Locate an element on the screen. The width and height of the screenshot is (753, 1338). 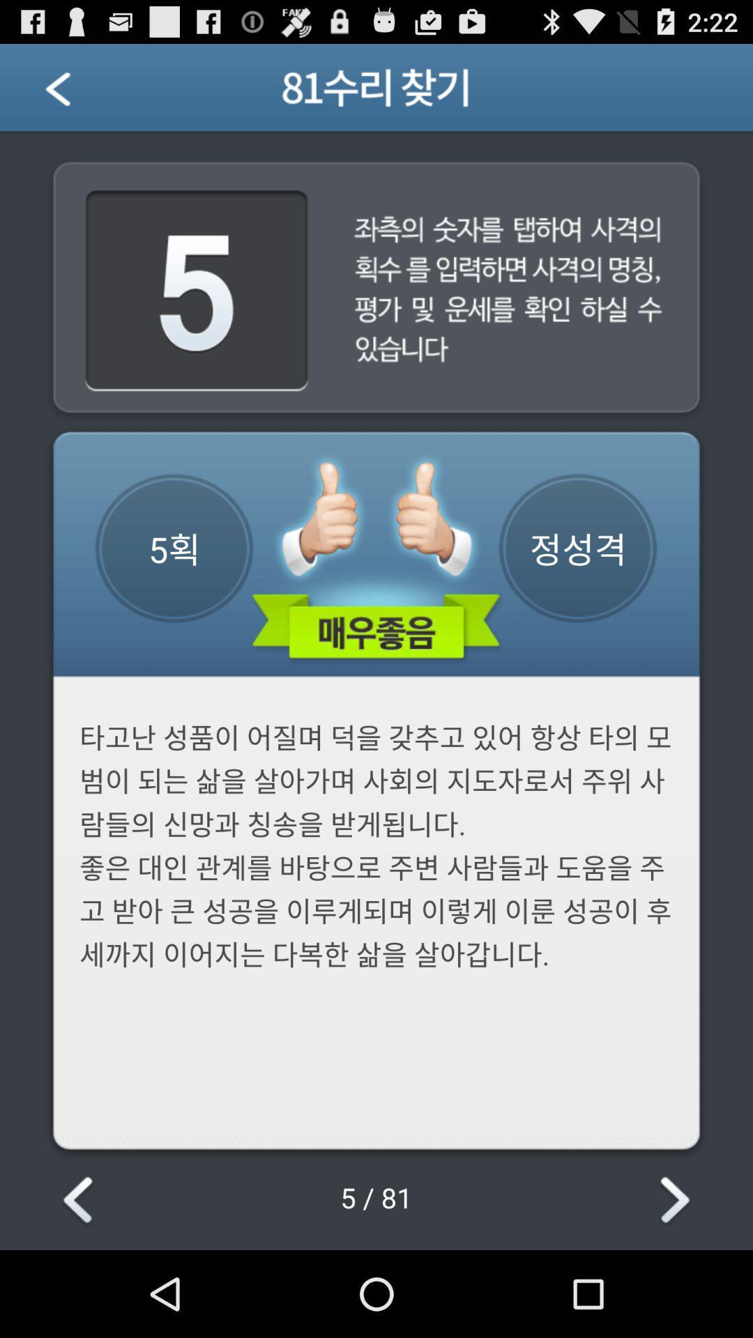
the text which is on the blue bar is located at coordinates (376, 93).